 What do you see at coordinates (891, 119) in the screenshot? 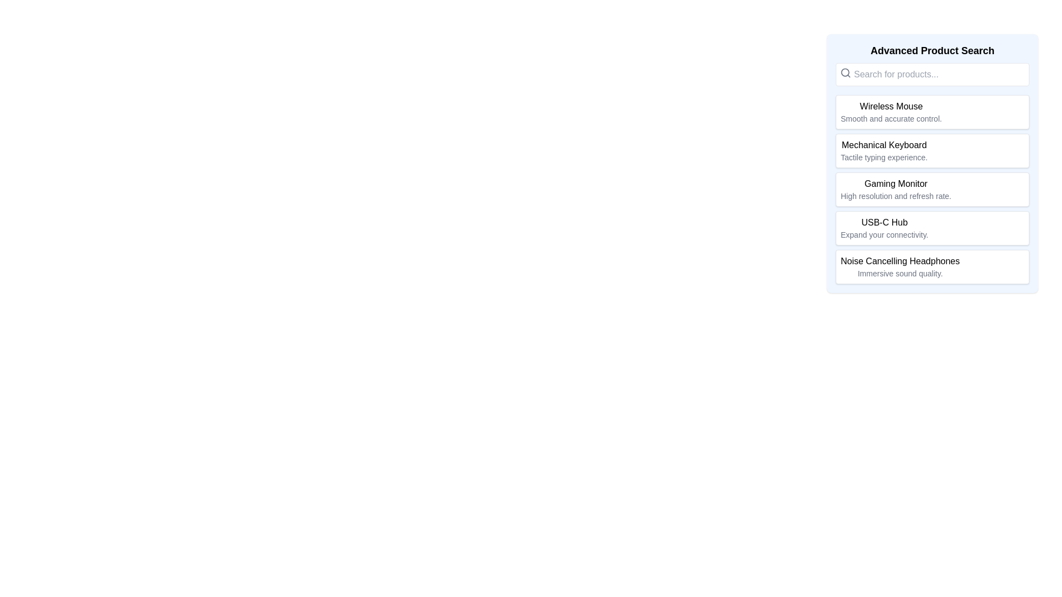
I see `the text label displaying 'Smooth and accurate control.' which is styled in a small gray font and located below the 'Wireless Mouse' label in the 'Advanced Product Search' sidebar` at bounding box center [891, 119].